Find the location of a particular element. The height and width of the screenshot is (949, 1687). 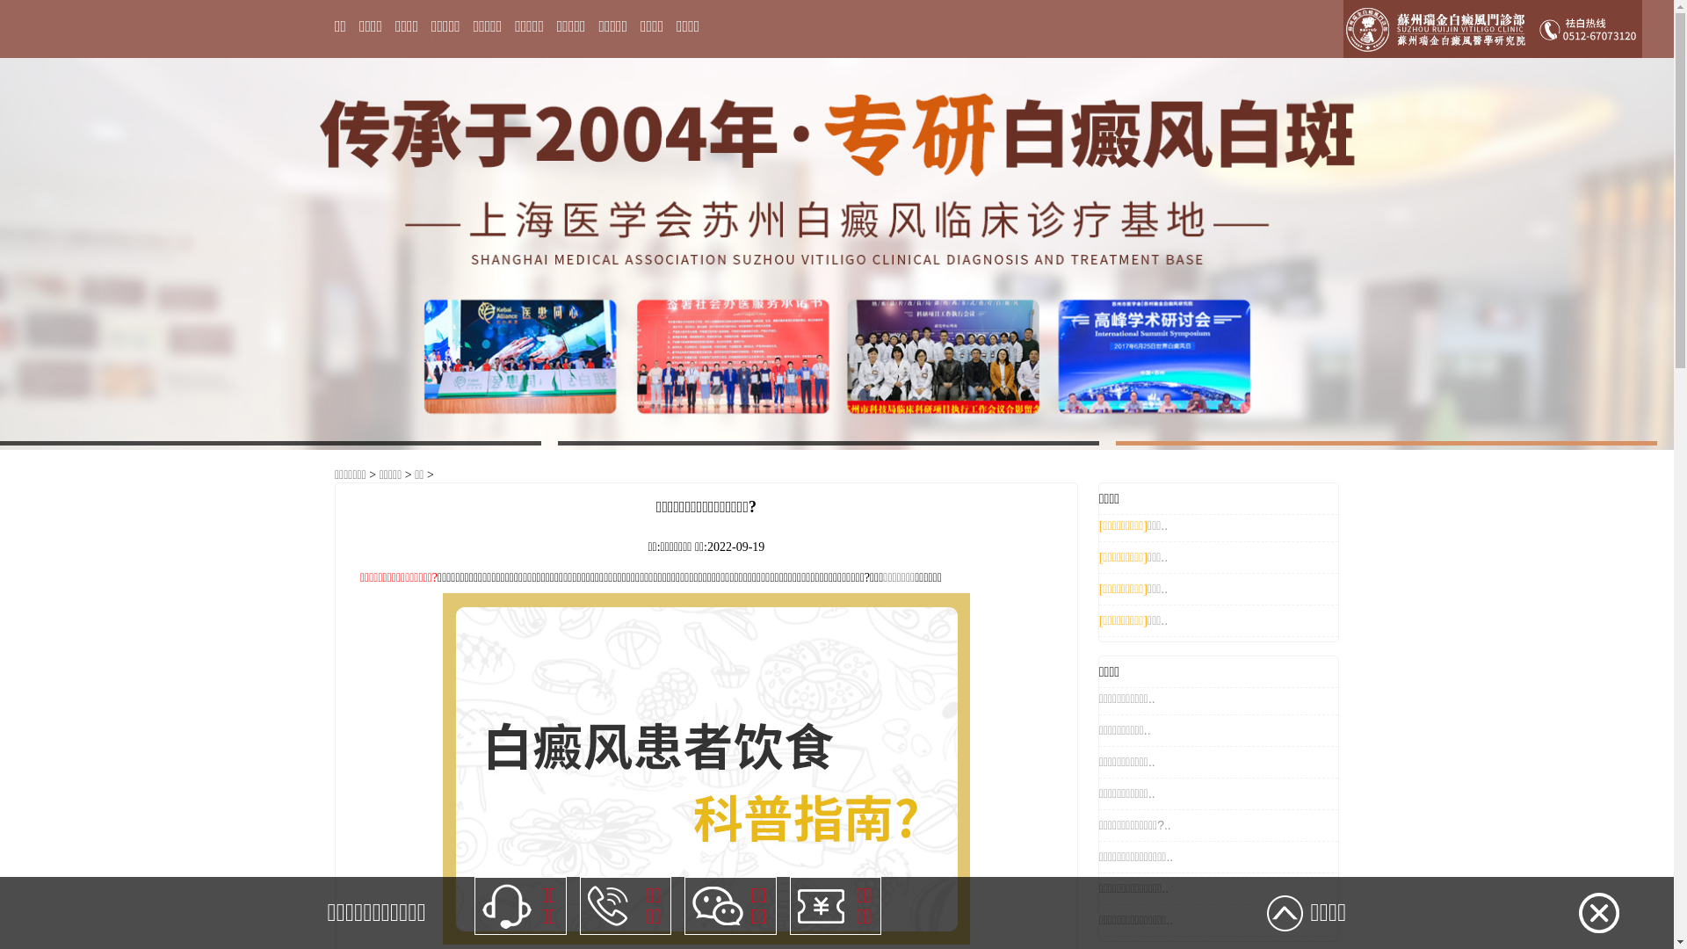

'banner1' is located at coordinates (836, 253).